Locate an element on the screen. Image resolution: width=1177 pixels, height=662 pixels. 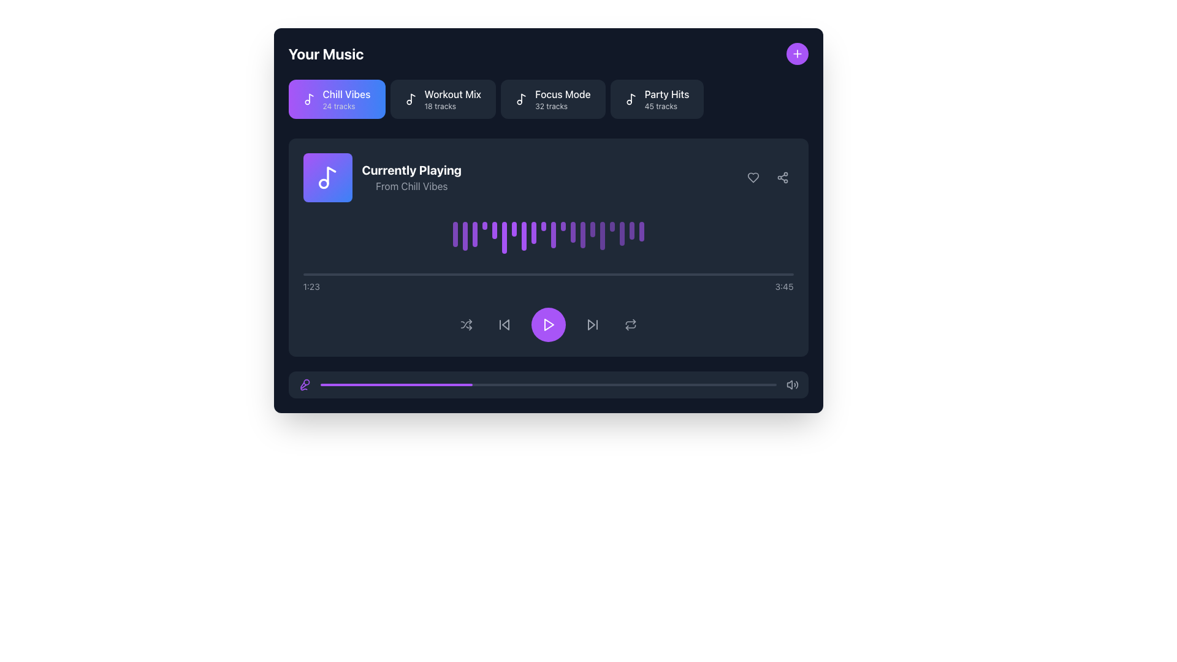
the text label that serves as a title for the music playlist, located inside the third item of a horizontal list below the 'Your Music' heading is located at coordinates (562, 94).